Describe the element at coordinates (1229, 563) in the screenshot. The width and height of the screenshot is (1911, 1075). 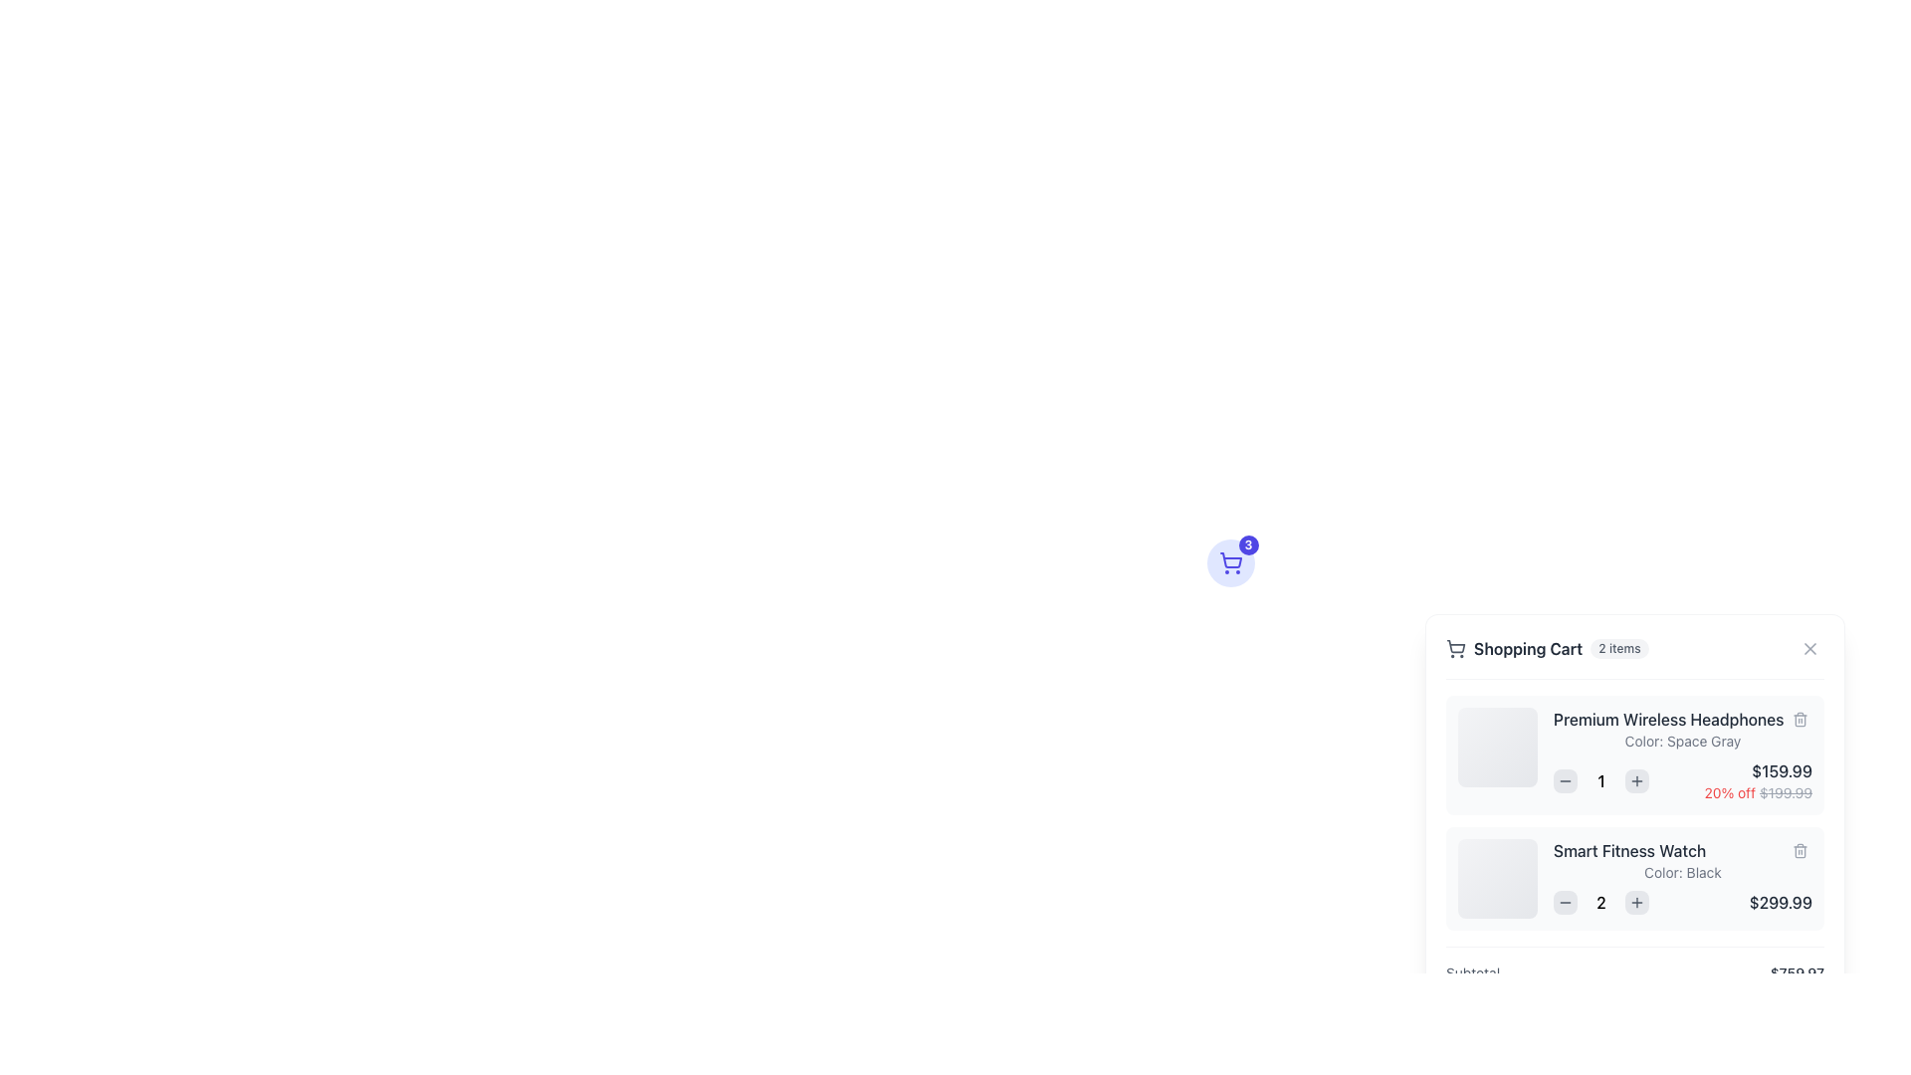
I see `the shopping cart button with icon and badge` at that location.